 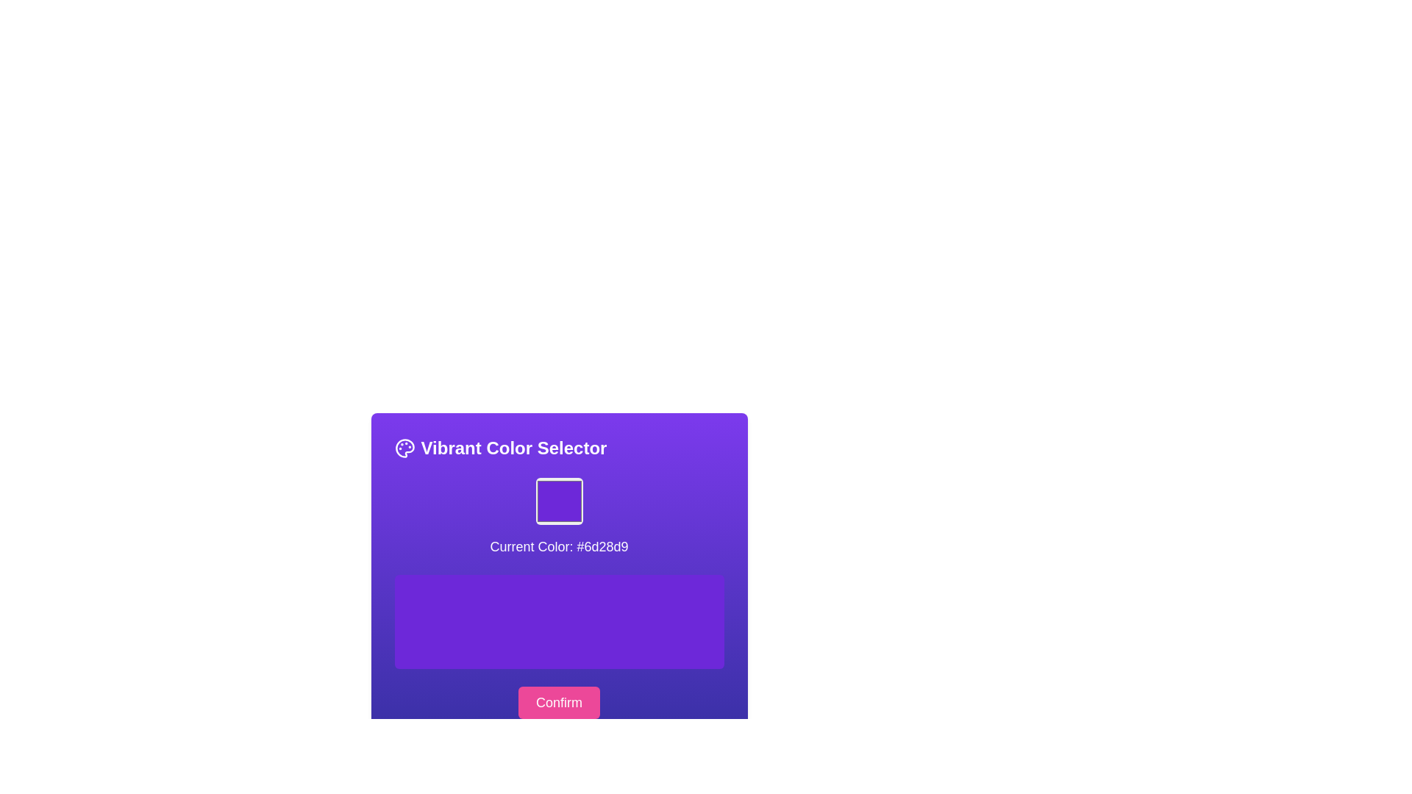 What do you see at coordinates (558, 501) in the screenshot?
I see `the Color Preview Box, which is a square element with a bright purple color (#6d28d9) and rounded borders` at bounding box center [558, 501].